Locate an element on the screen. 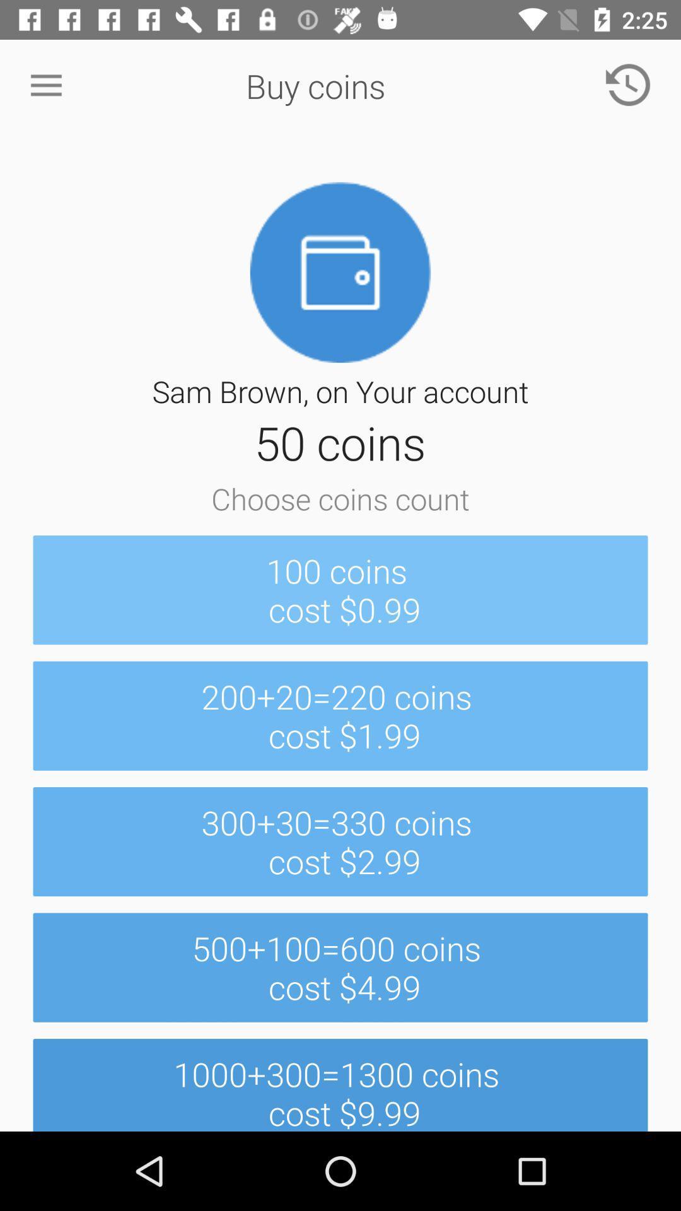  the icon below 200 20 220 is located at coordinates (340, 841).